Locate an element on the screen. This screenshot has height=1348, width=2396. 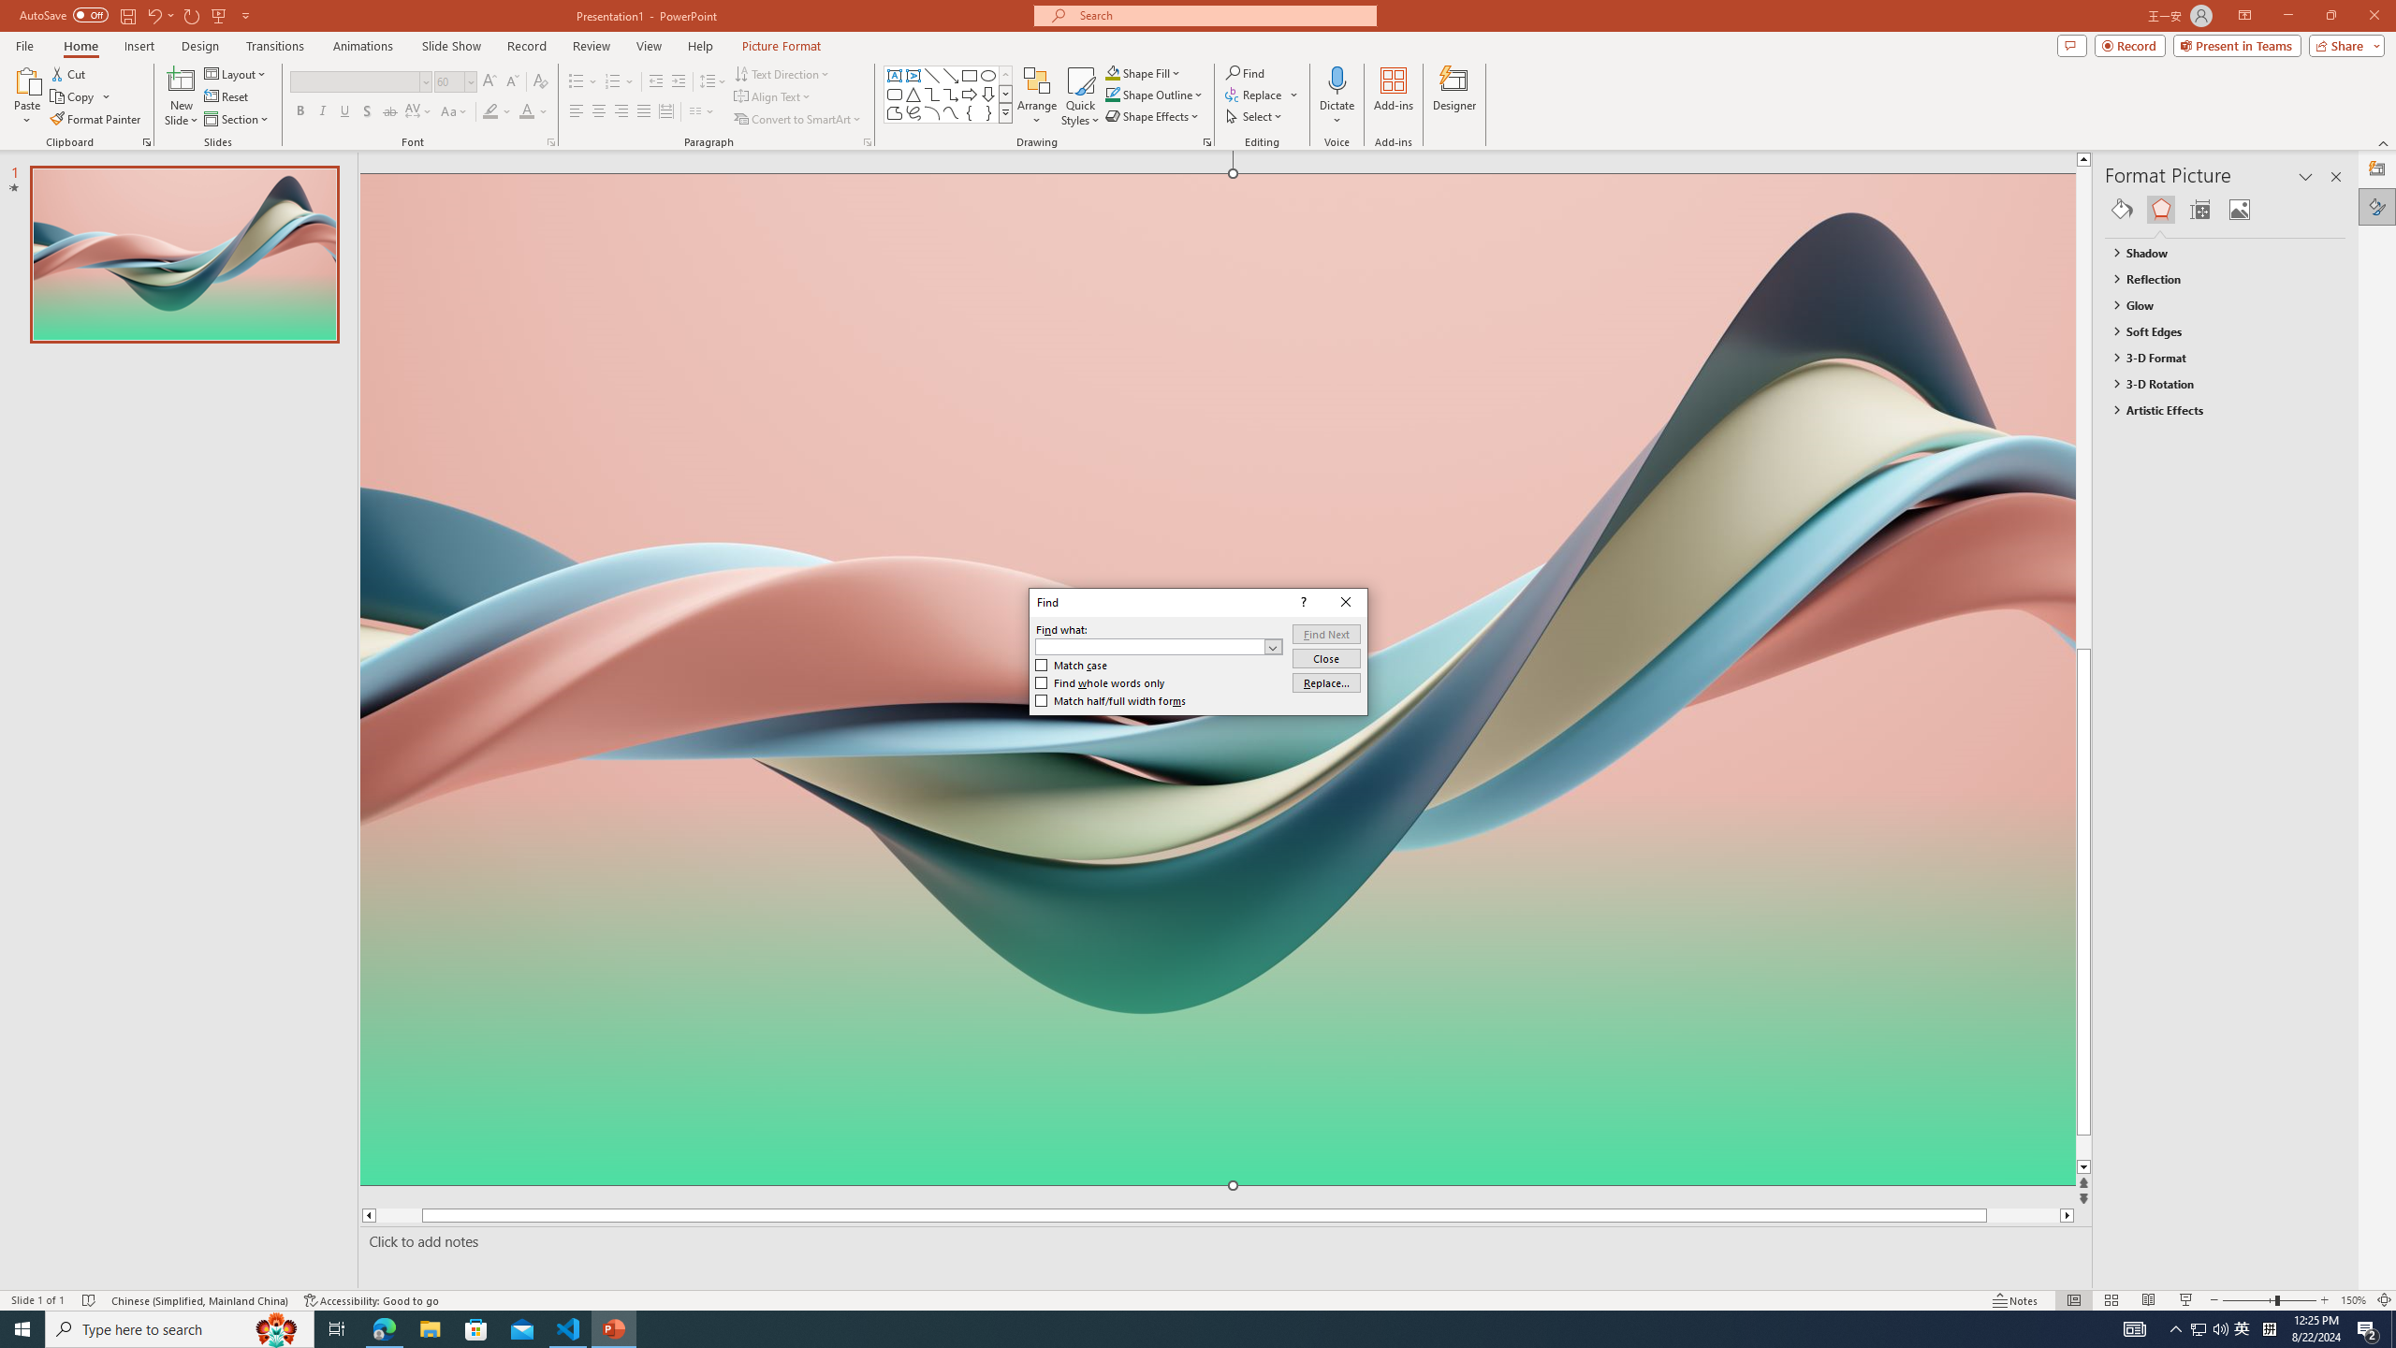
'Microsoft Edge - 1 running window' is located at coordinates (383, 1327).